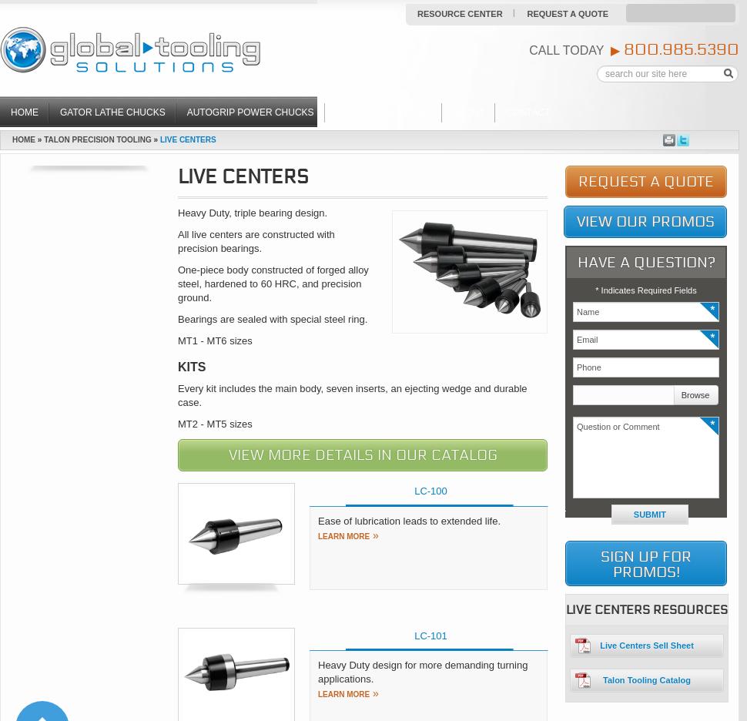 The width and height of the screenshot is (747, 721). Describe the element at coordinates (383, 112) in the screenshot. I see `'Custom Solutions'` at that location.